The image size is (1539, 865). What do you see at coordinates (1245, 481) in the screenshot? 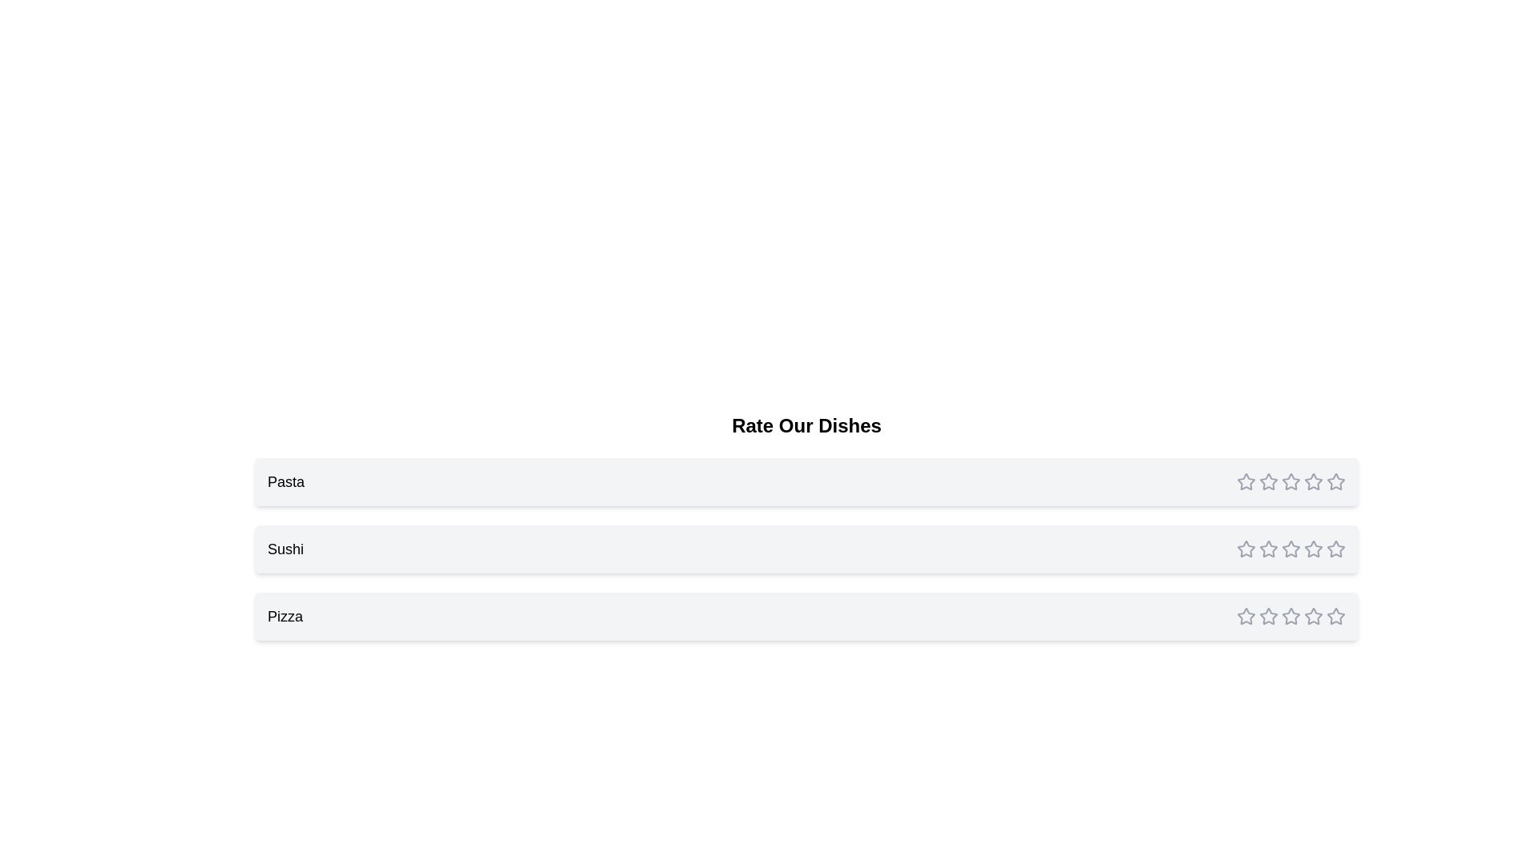
I see `the first rating star icon` at bounding box center [1245, 481].